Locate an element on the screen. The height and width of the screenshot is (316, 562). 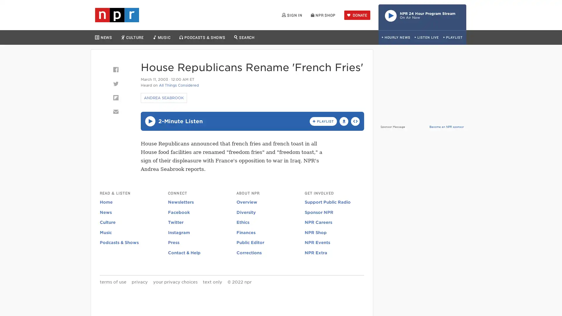
Play Live Radio is located at coordinates (422, 17).